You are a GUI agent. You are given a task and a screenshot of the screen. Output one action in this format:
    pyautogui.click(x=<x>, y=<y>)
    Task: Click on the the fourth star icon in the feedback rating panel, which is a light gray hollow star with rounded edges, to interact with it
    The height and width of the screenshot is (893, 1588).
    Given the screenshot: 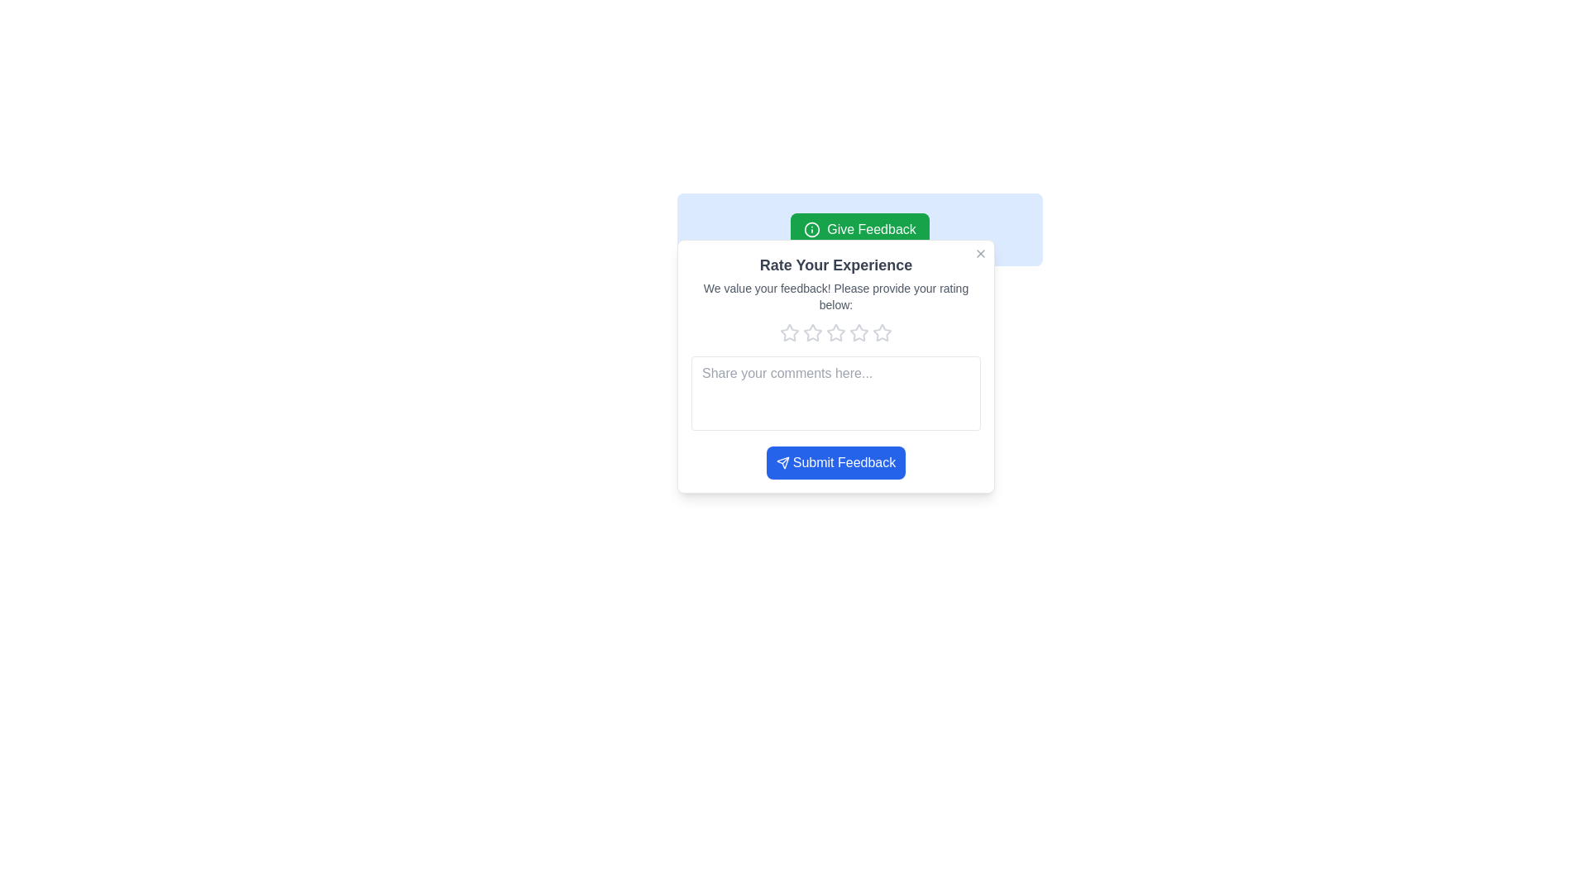 What is the action you would take?
    pyautogui.click(x=836, y=332)
    